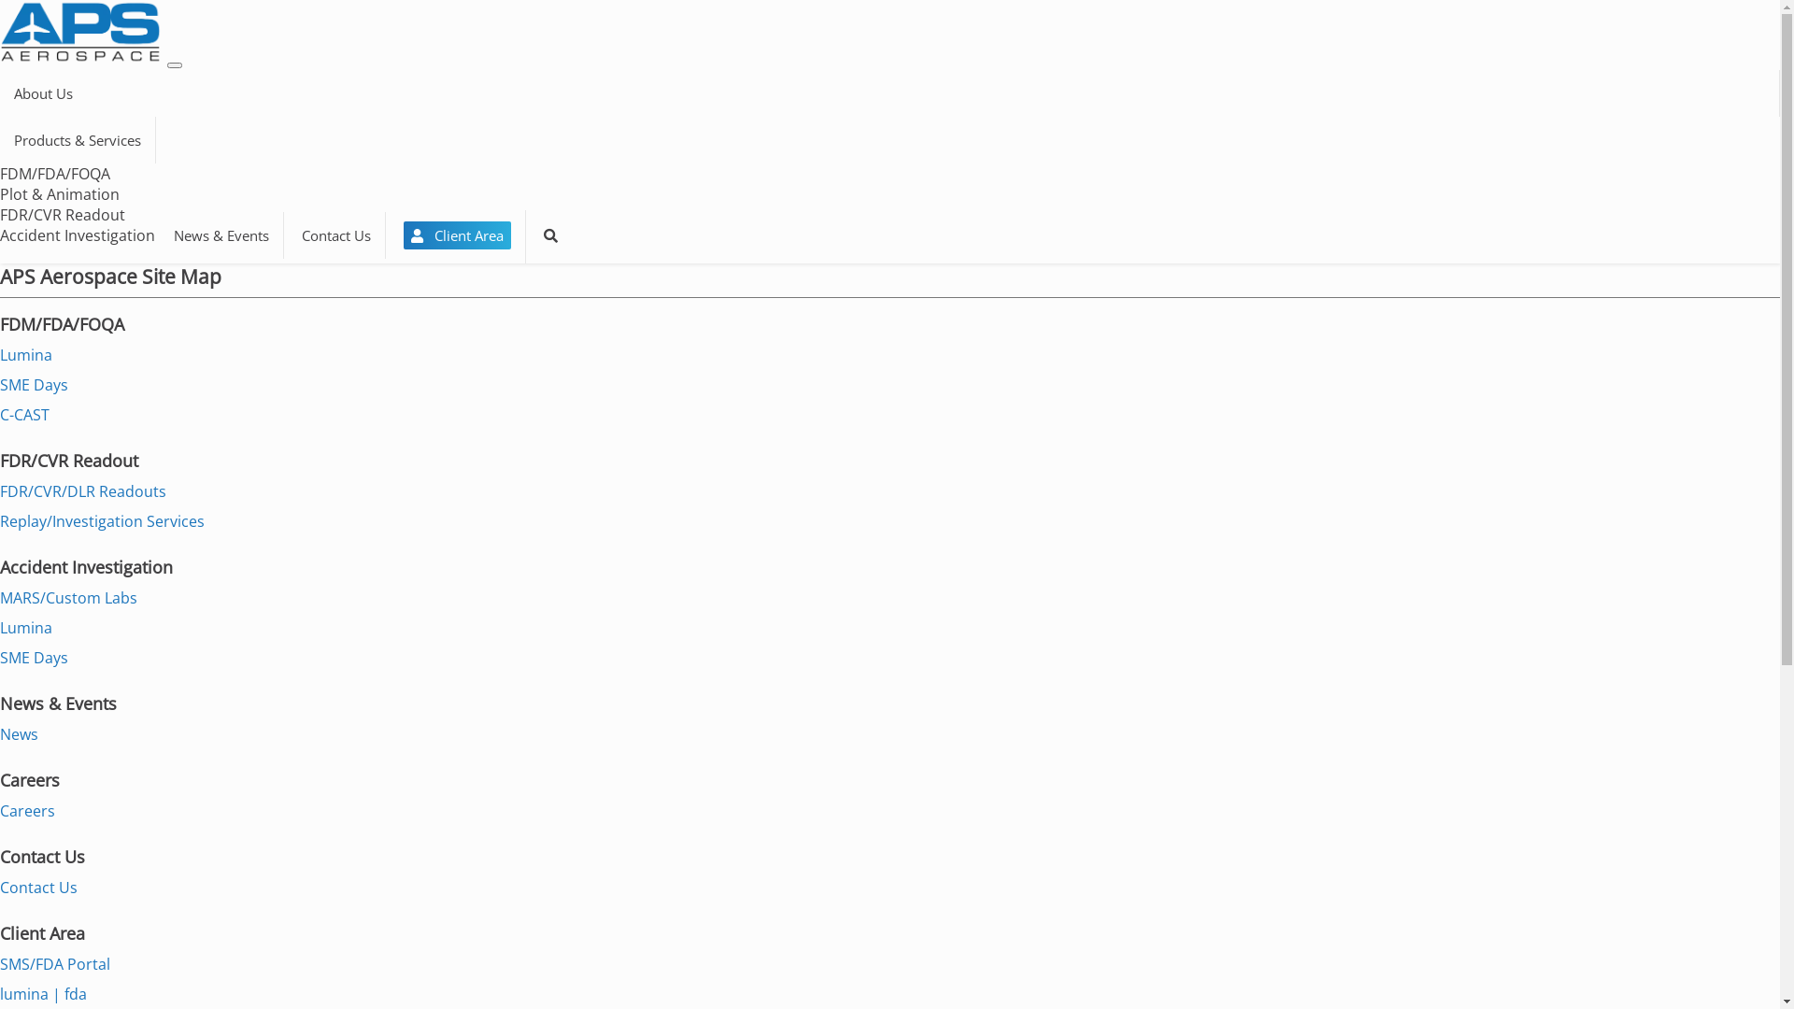  What do you see at coordinates (0, 993) in the screenshot?
I see `'lumina | fda'` at bounding box center [0, 993].